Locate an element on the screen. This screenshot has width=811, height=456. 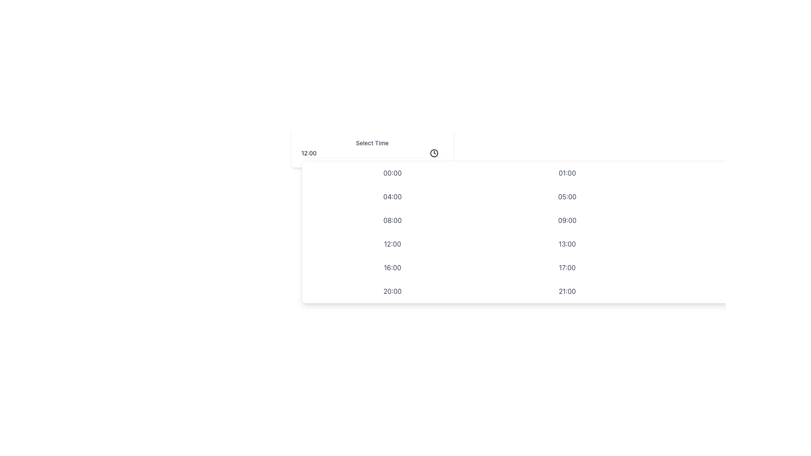
the clock icon component located to the right of the 'Select Time' label and adjacent to the displayed time '12:00' is located at coordinates (434, 153).